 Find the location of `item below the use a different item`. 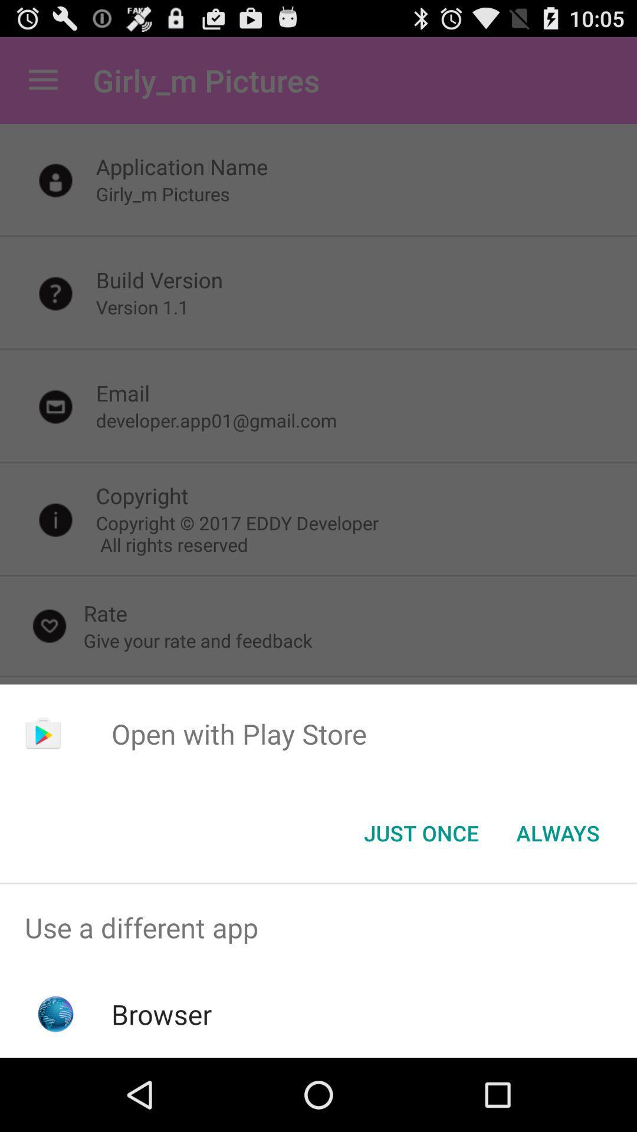

item below the use a different item is located at coordinates (162, 1013).